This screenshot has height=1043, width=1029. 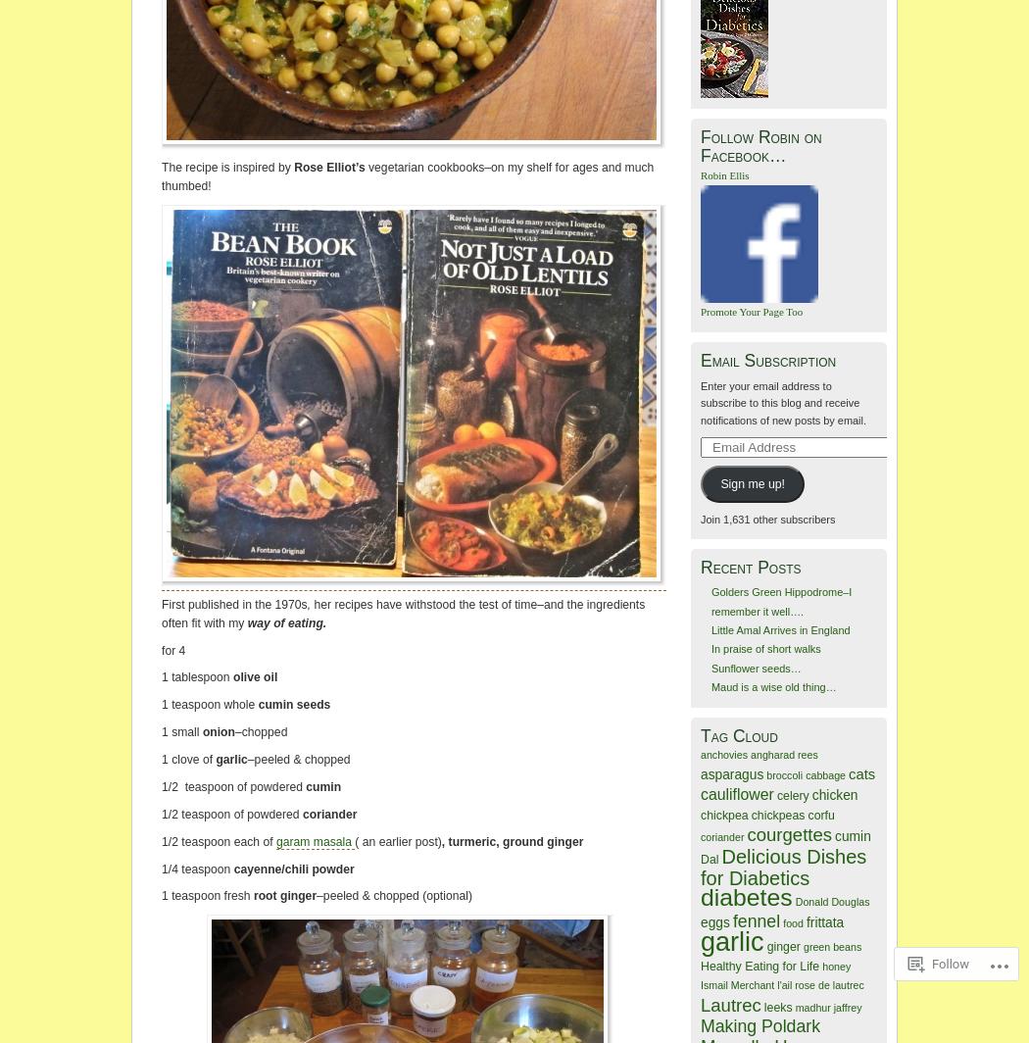 What do you see at coordinates (708, 858) in the screenshot?
I see `'Dal'` at bounding box center [708, 858].